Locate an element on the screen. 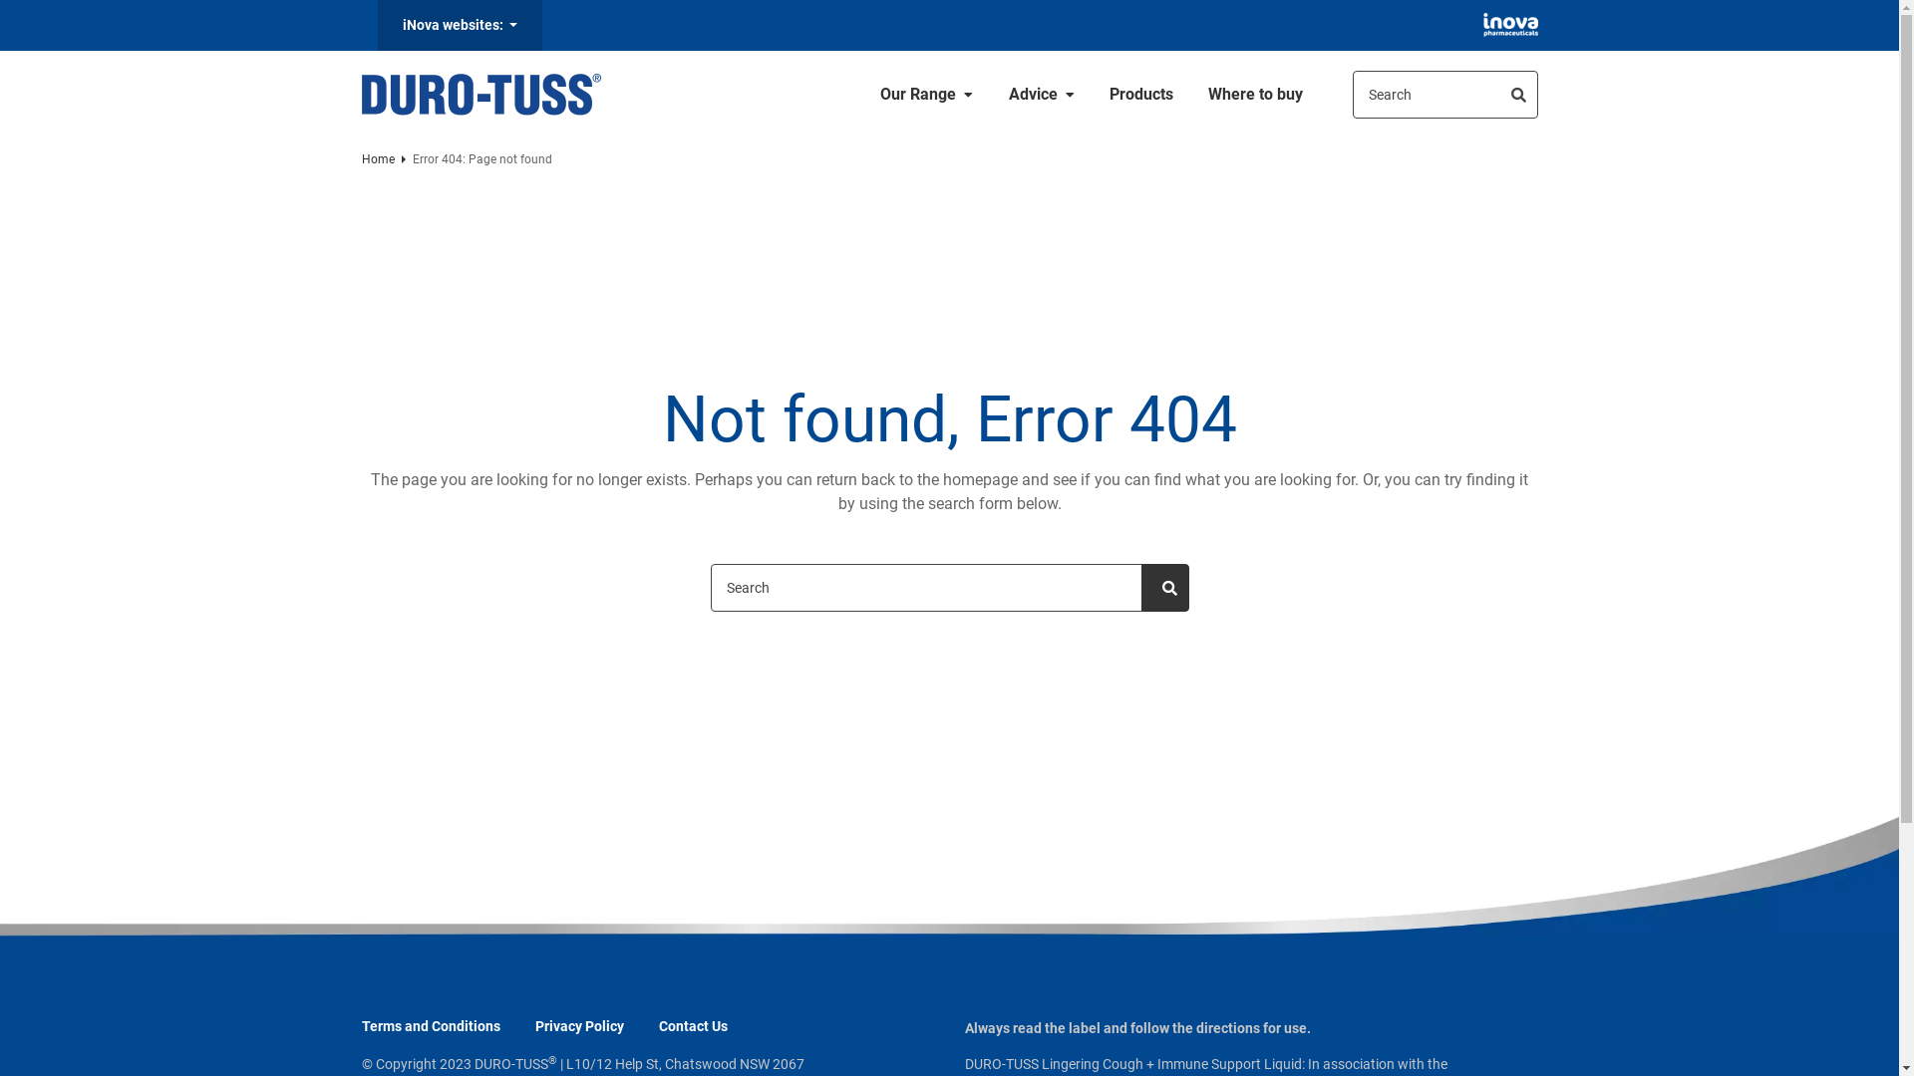 This screenshot has height=1076, width=1914. 'Advice' is located at coordinates (1041, 95).